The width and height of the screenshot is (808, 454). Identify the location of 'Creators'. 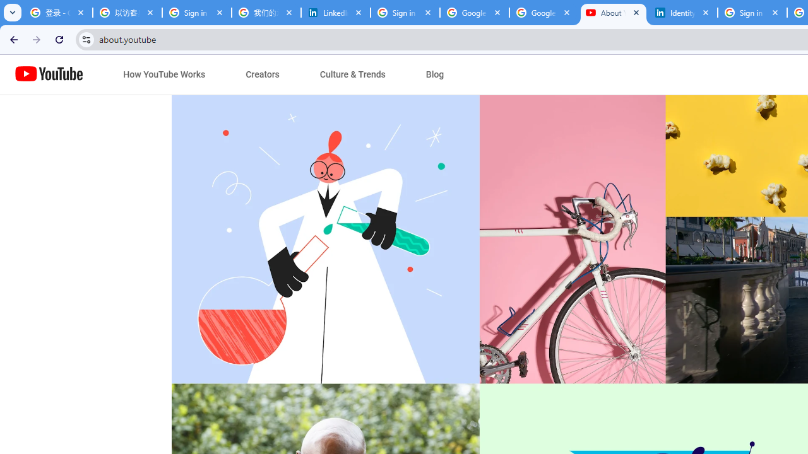
(262, 74).